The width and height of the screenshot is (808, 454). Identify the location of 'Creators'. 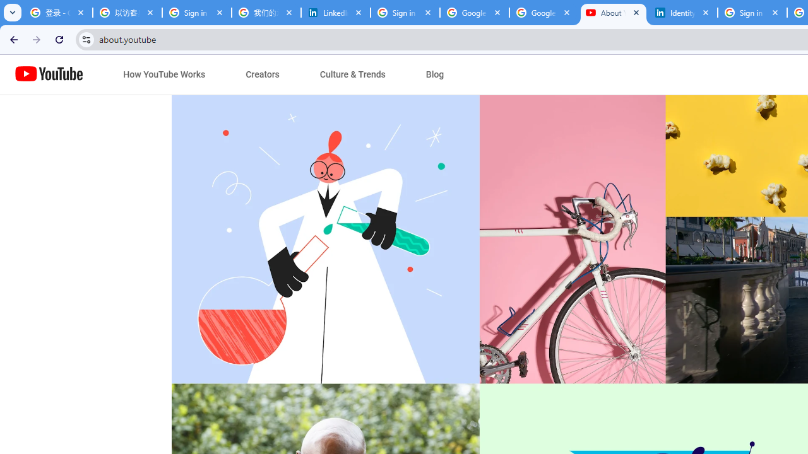
(262, 74).